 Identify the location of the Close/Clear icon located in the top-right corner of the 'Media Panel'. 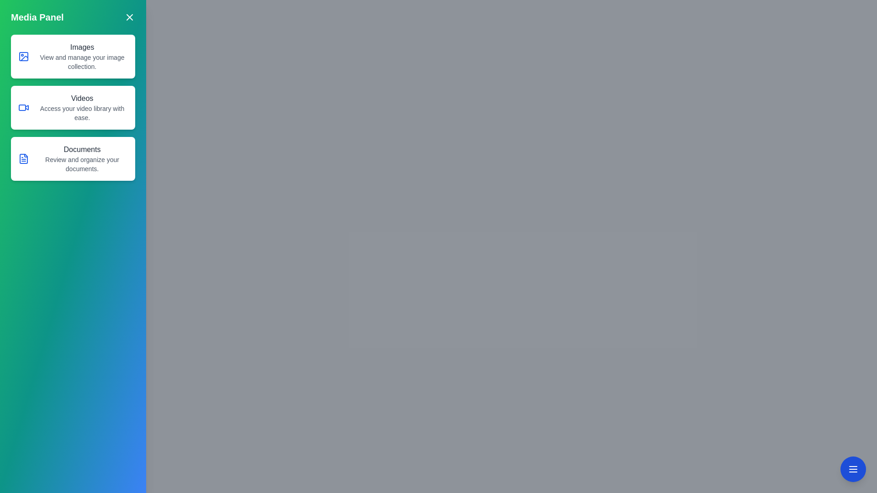
(129, 17).